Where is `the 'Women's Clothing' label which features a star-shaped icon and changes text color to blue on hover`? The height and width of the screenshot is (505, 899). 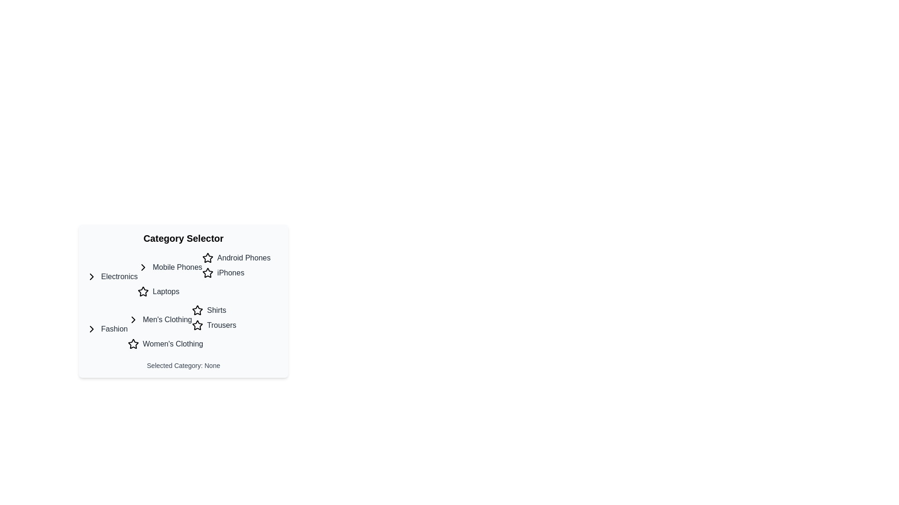
the 'Women's Clothing' label which features a star-shaped icon and changes text color to blue on hover is located at coordinates (182, 344).